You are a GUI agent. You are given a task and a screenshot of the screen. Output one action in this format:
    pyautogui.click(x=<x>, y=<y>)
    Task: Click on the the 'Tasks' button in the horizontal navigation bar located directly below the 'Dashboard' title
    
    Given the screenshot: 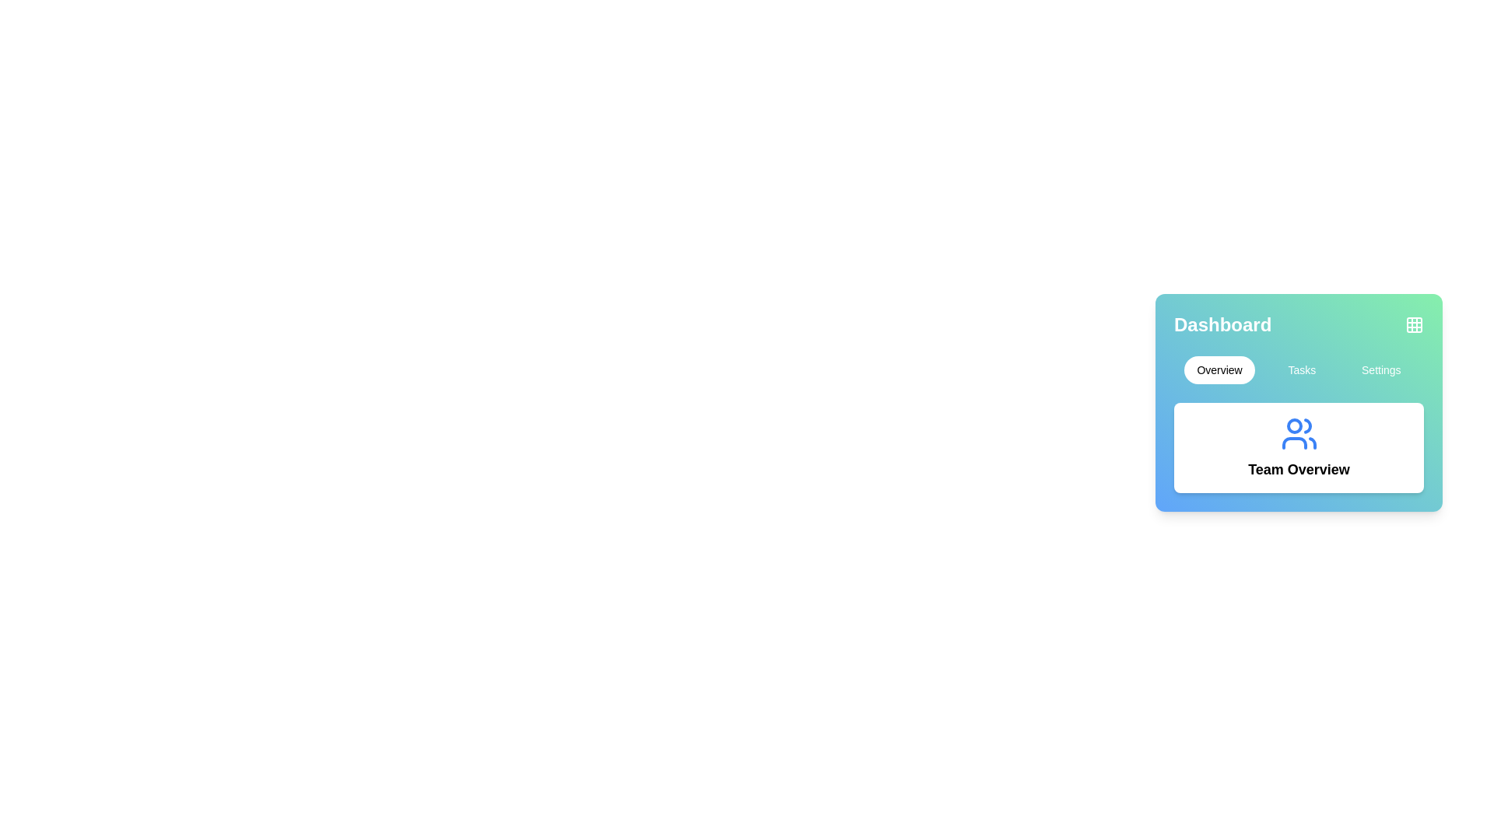 What is the action you would take?
    pyautogui.click(x=1299, y=369)
    